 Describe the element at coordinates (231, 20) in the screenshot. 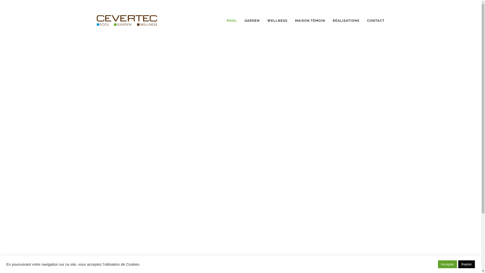

I see `'POOL'` at that location.